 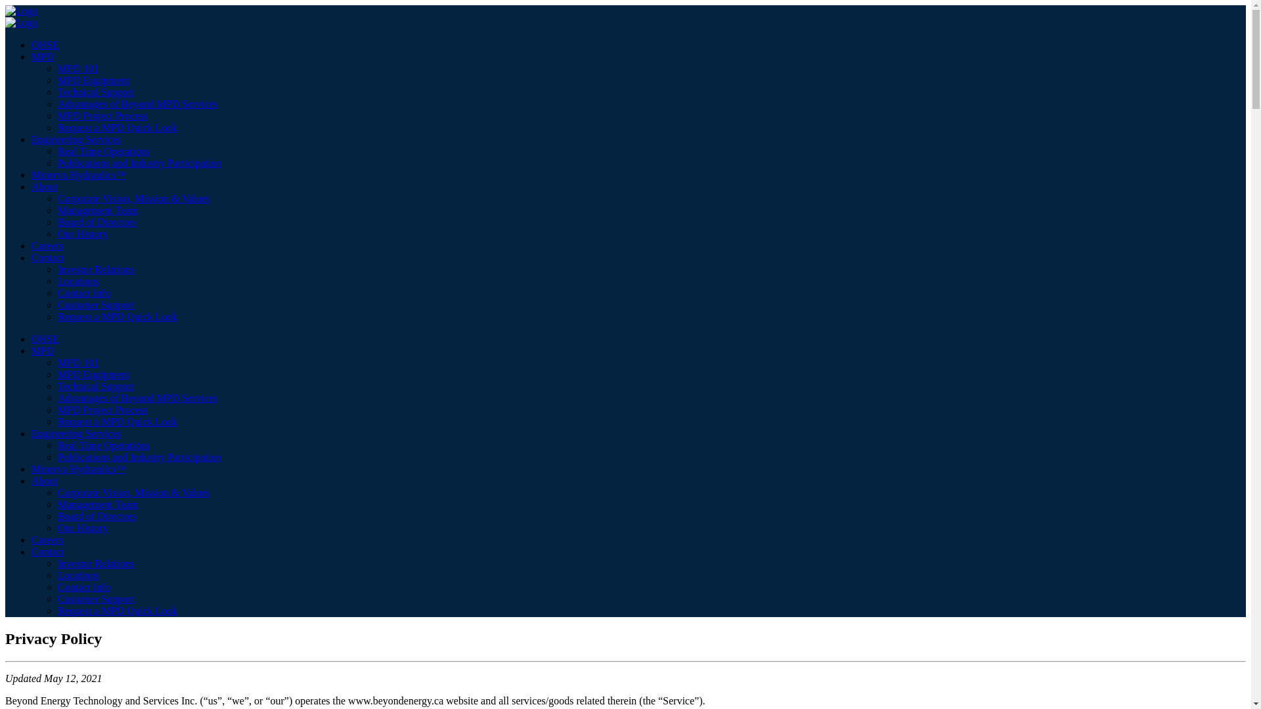 What do you see at coordinates (32, 433) in the screenshot?
I see `'Engineering Services'` at bounding box center [32, 433].